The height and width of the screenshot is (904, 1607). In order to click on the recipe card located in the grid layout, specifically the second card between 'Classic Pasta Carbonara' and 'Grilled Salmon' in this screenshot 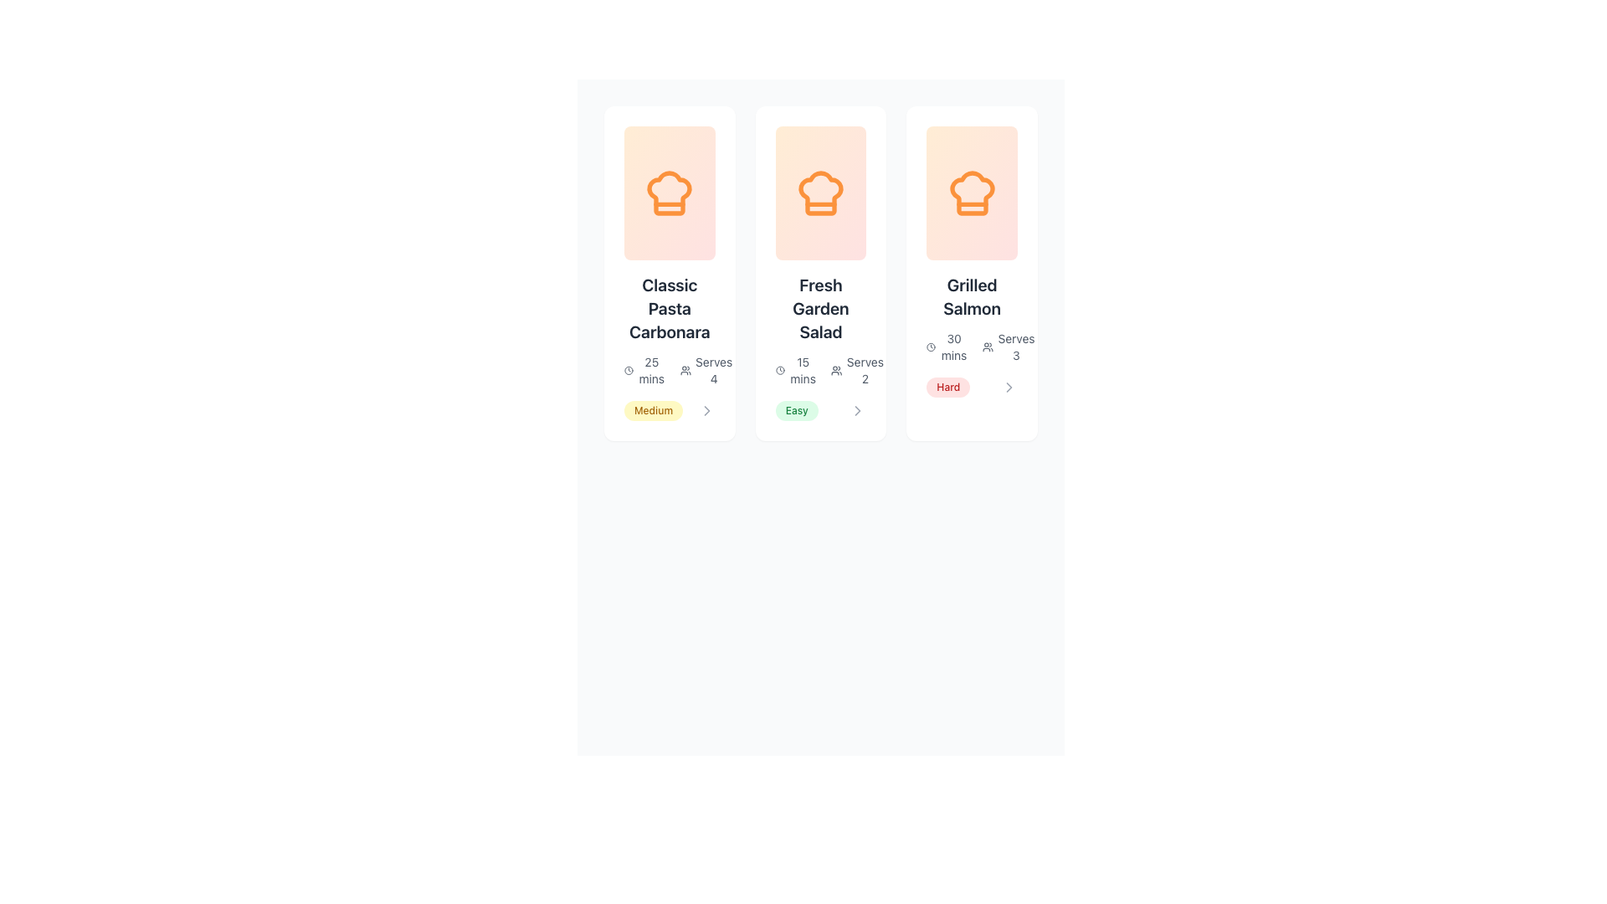, I will do `click(820, 273)`.